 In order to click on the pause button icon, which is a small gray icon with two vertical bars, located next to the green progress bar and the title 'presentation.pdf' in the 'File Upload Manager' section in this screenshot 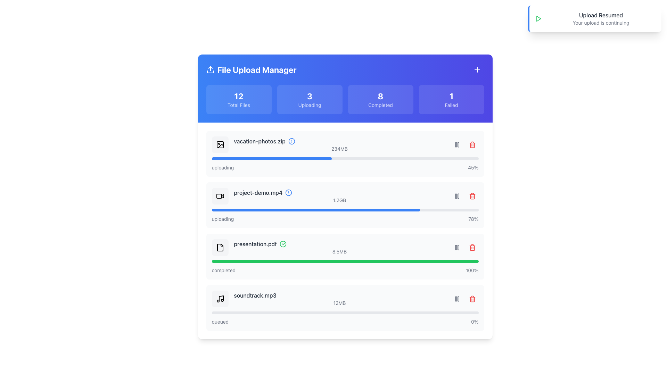, I will do `click(457, 247)`.